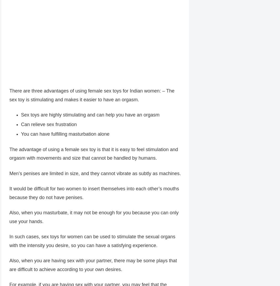 This screenshot has width=280, height=286. Describe the element at coordinates (49, 125) in the screenshot. I see `'Can relieve sex frustration'` at that location.